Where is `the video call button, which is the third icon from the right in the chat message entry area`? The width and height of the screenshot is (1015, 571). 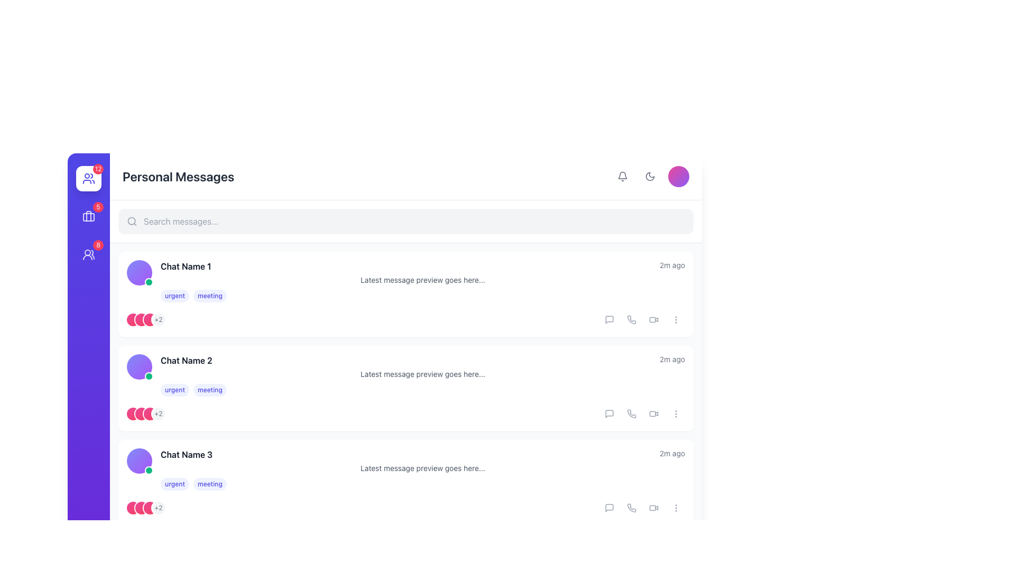 the video call button, which is the third icon from the right in the chat message entry area is located at coordinates (653, 319).